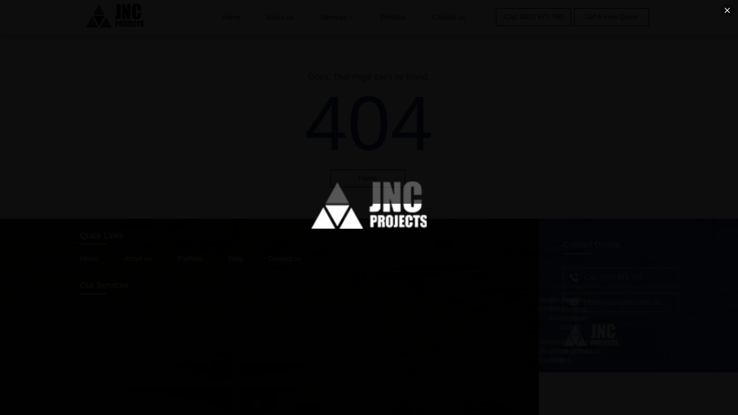  I want to click on 'Tile Removal', so click(586, 353).